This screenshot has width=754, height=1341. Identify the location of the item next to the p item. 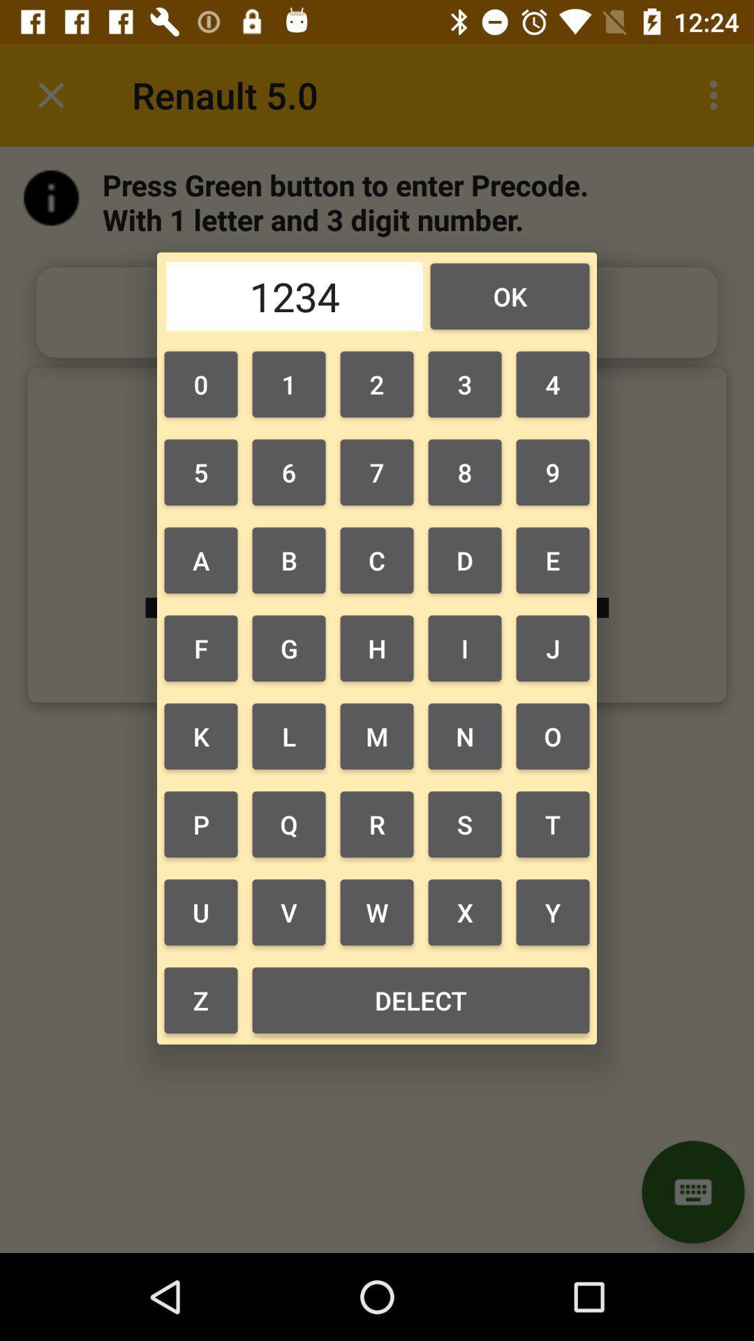
(288, 912).